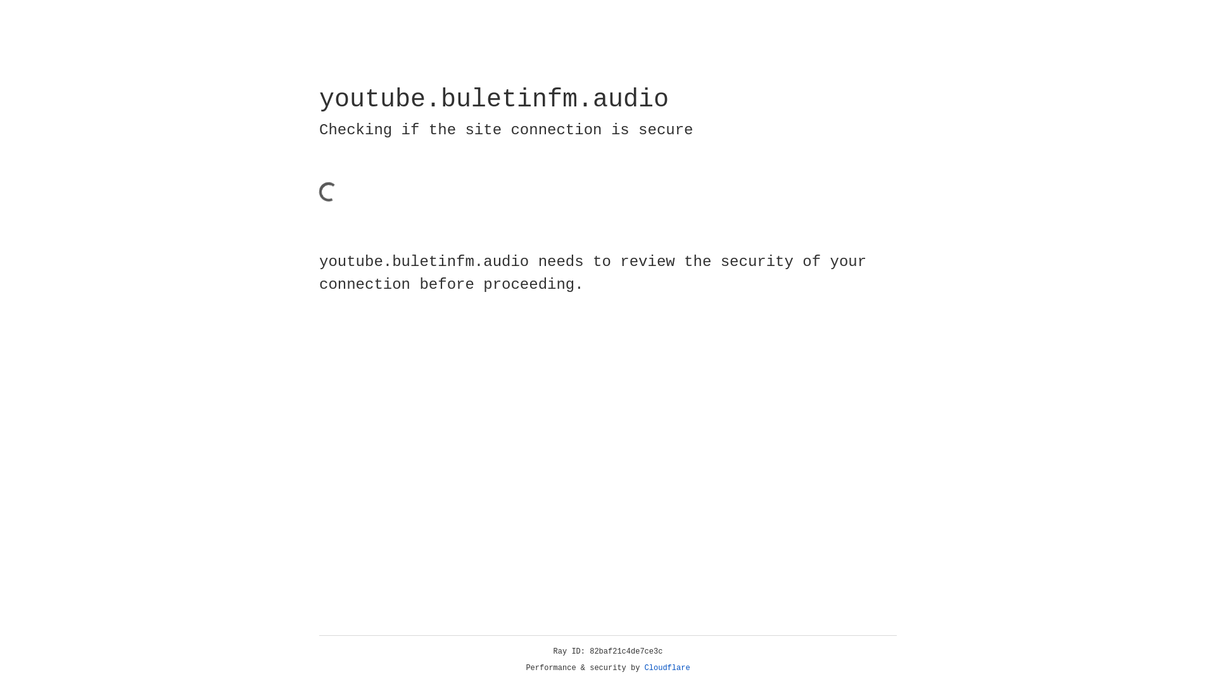 This screenshot has height=684, width=1216. I want to click on 'Cloudflare', so click(667, 668).